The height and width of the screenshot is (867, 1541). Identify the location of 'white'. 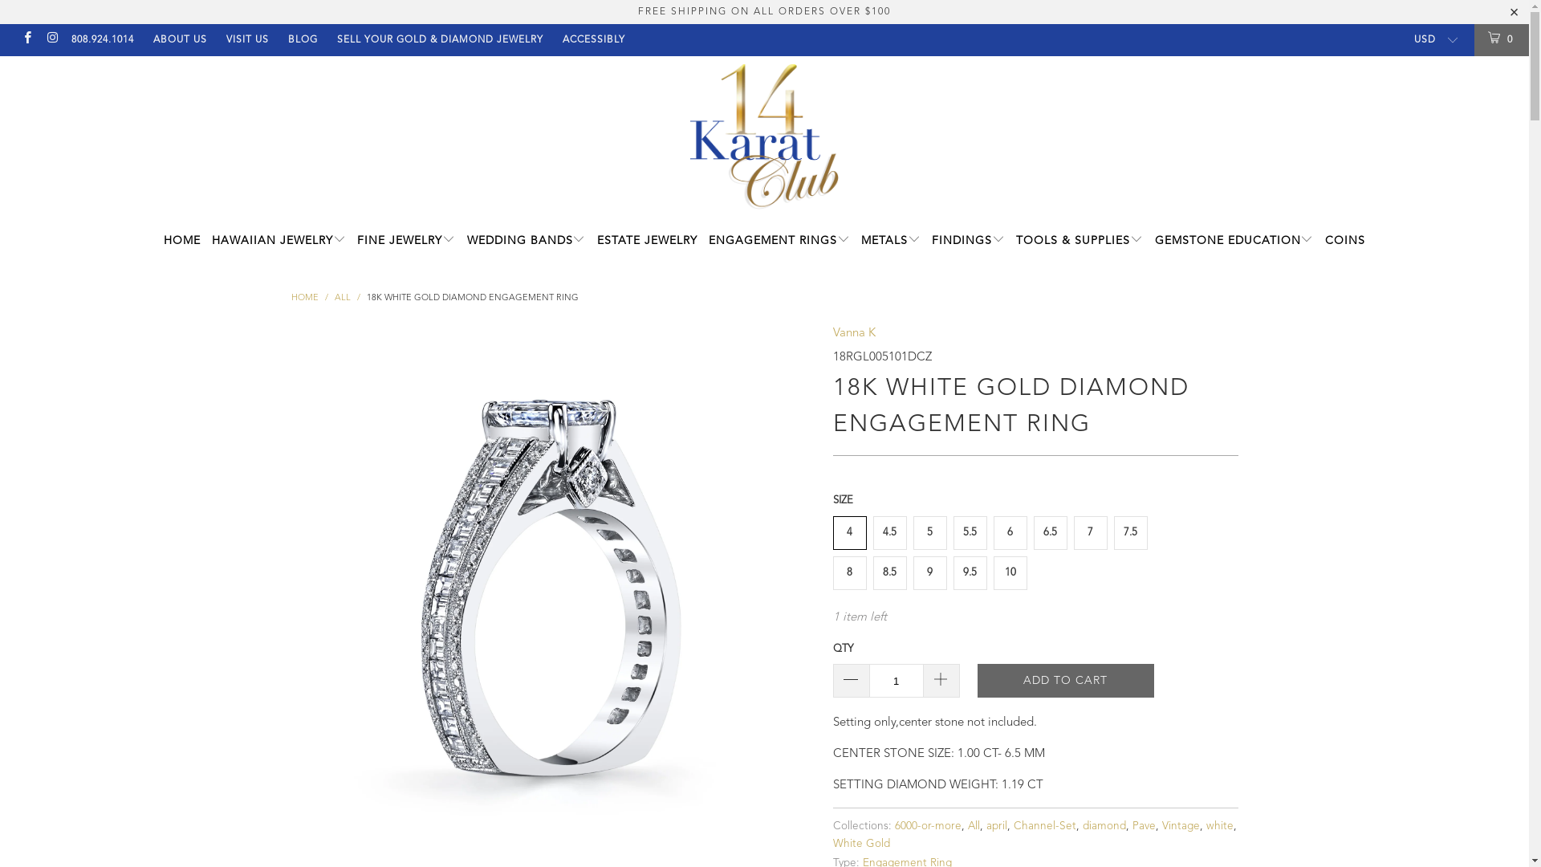
(1218, 826).